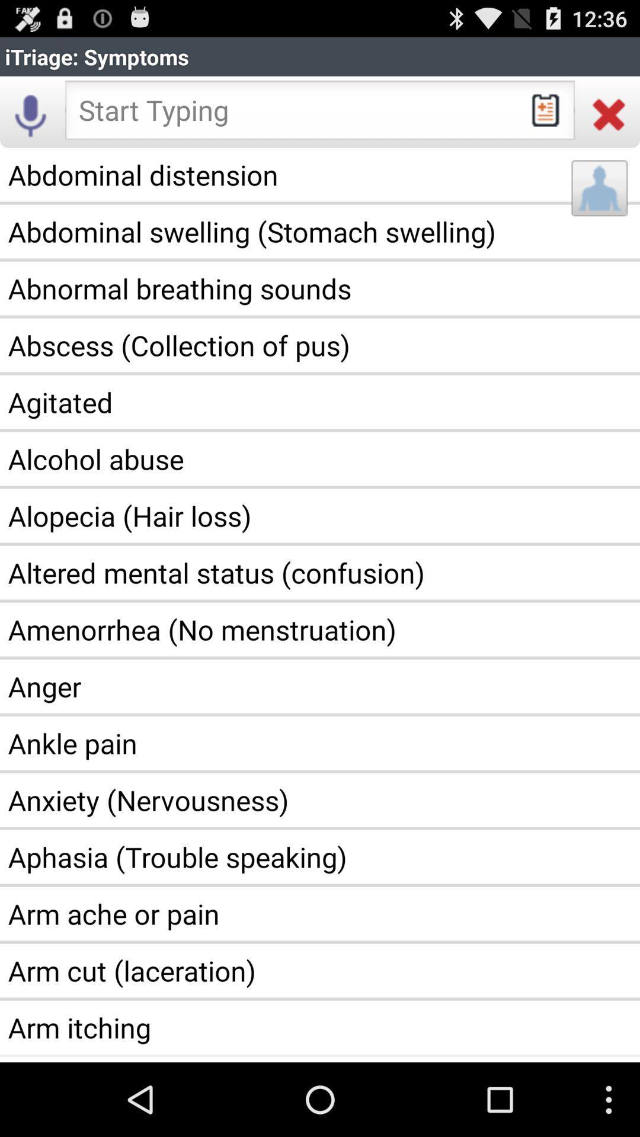 The image size is (640, 1137). What do you see at coordinates (30, 121) in the screenshot?
I see `the microphone icon` at bounding box center [30, 121].